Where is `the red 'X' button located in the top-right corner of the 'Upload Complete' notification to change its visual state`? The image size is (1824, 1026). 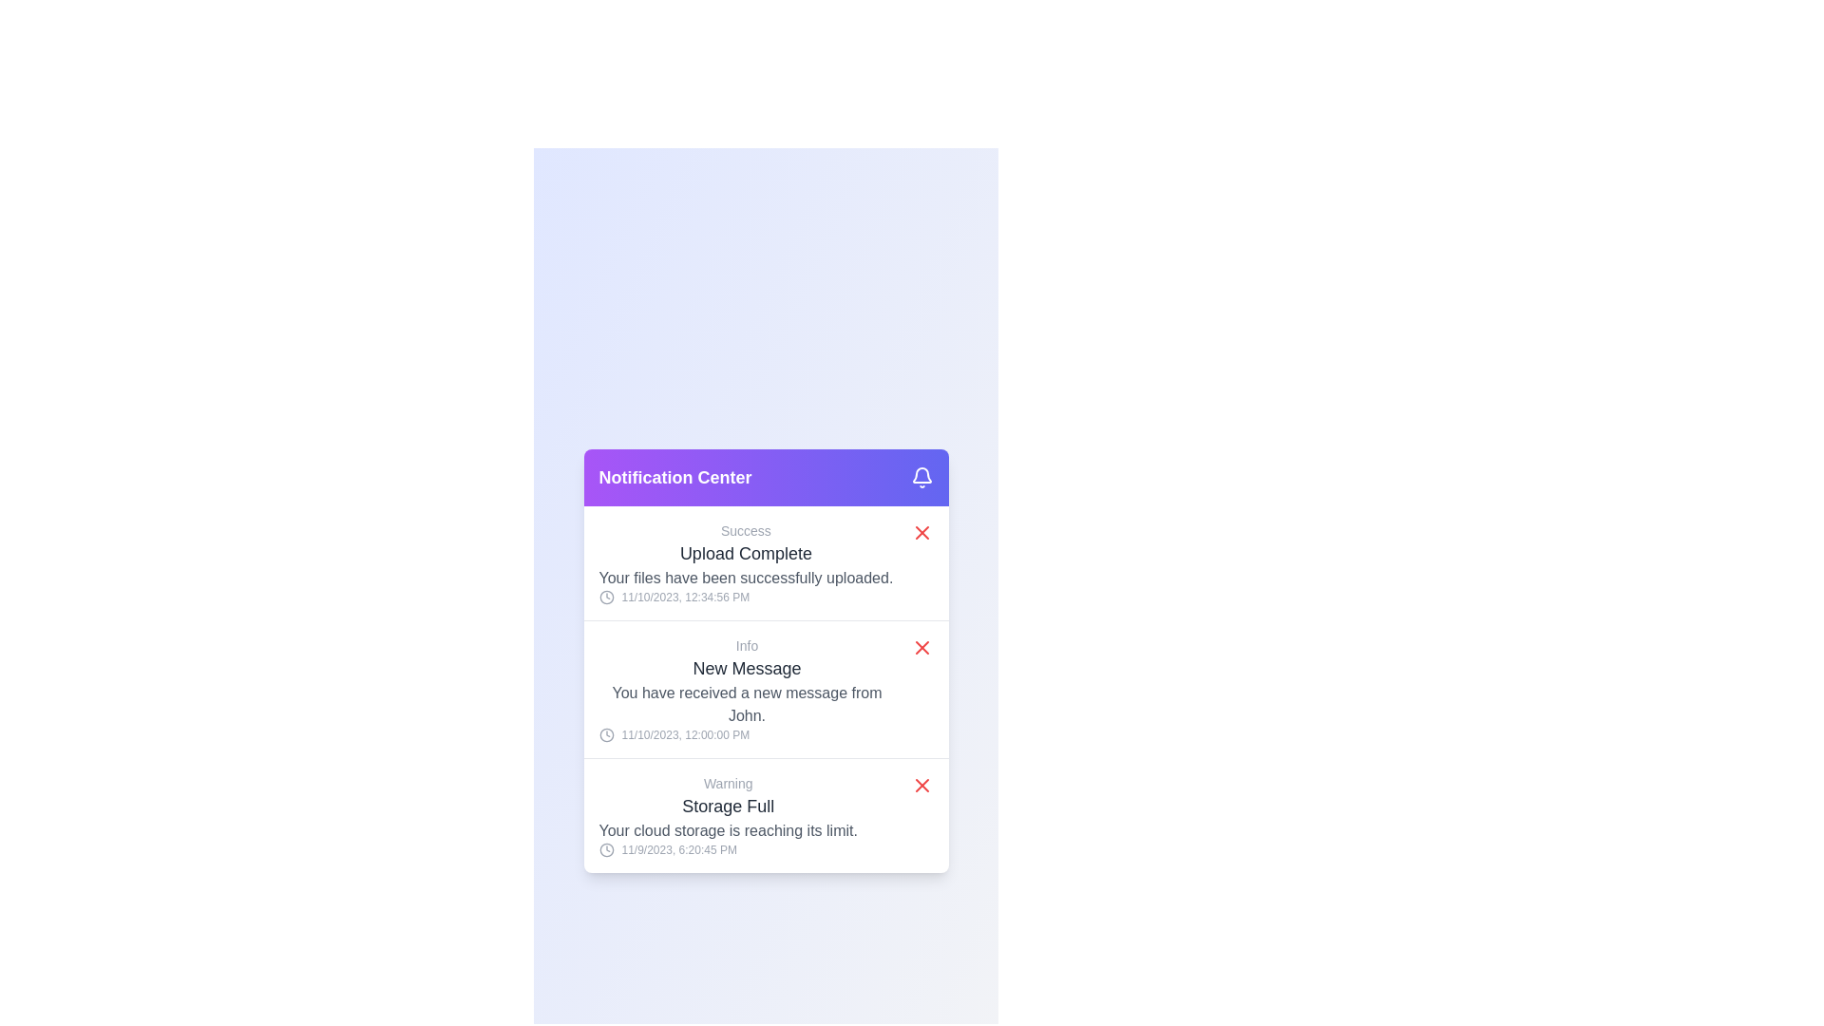
the red 'X' button located in the top-right corner of the 'Upload Complete' notification to change its visual state is located at coordinates (921, 532).